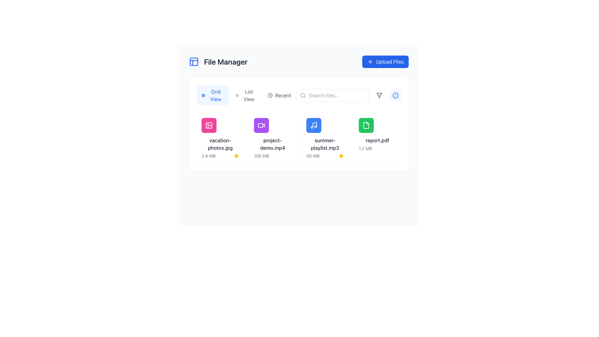 The image size is (599, 337). Describe the element at coordinates (236, 95) in the screenshot. I see `the list icon represented by three horizontal lines, located within the 'List View' button in the toolbar` at that location.